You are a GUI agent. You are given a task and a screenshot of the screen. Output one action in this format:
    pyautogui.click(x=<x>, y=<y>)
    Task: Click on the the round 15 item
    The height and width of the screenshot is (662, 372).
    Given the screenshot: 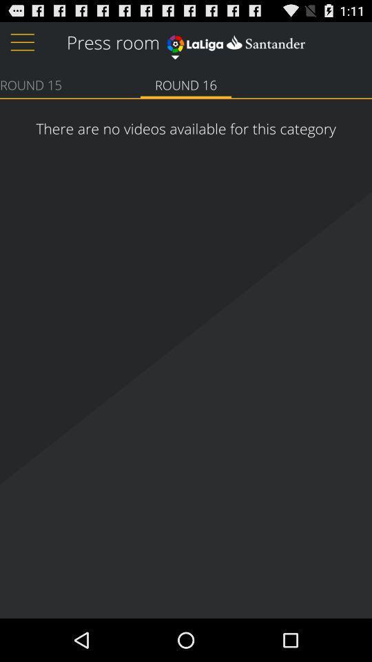 What is the action you would take?
    pyautogui.click(x=30, y=83)
    